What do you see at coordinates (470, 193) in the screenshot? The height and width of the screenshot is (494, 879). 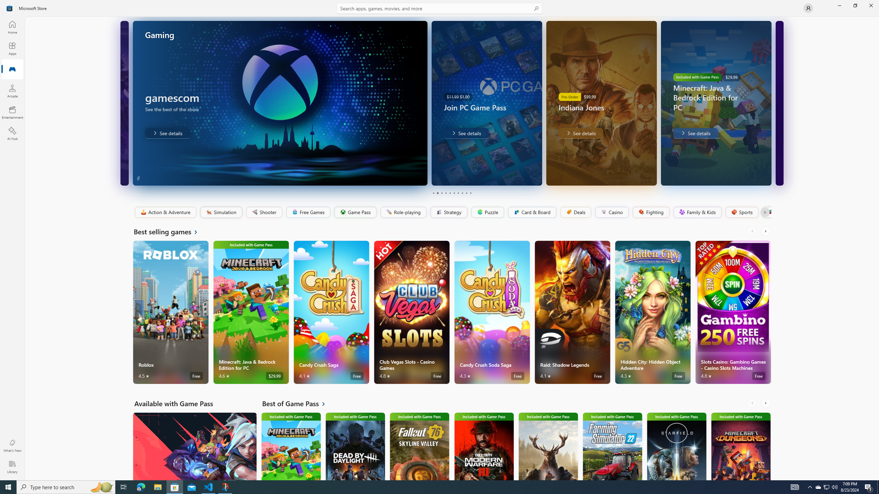 I see `'Page 10'` at bounding box center [470, 193].